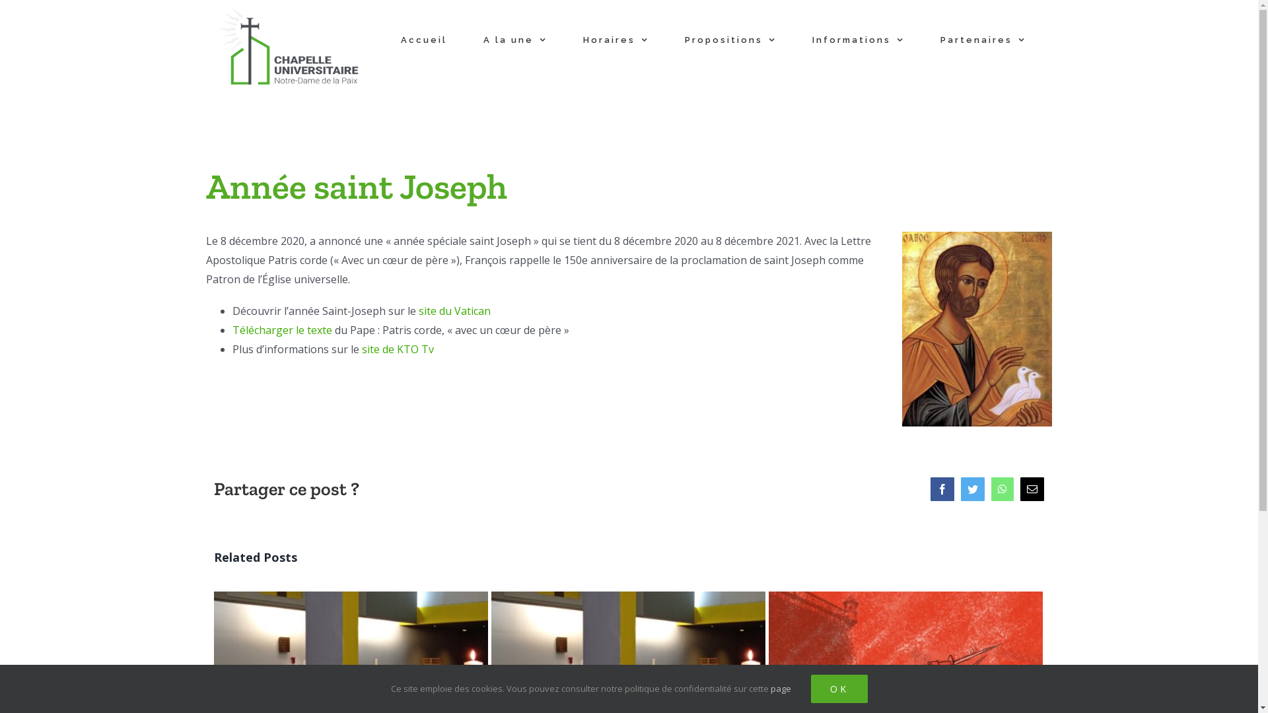 The width and height of the screenshot is (1268, 713). What do you see at coordinates (839, 688) in the screenshot?
I see `'OK'` at bounding box center [839, 688].